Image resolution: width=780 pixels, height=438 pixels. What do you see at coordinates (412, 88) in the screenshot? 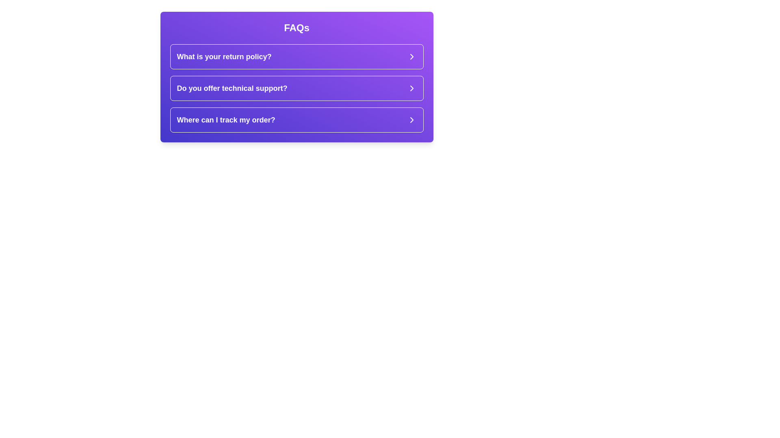
I see `the small right-pointing arrow icon at the end of the middle question card labeled 'Do you offer technical support?'` at bounding box center [412, 88].